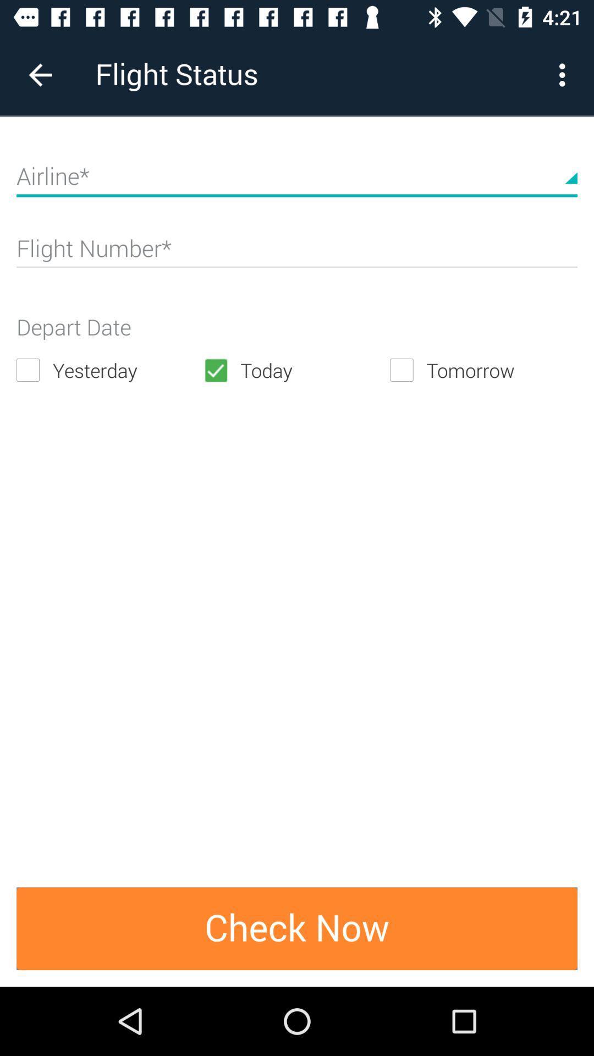 This screenshot has width=594, height=1056. I want to click on the icon below the yesterday, so click(297, 928).